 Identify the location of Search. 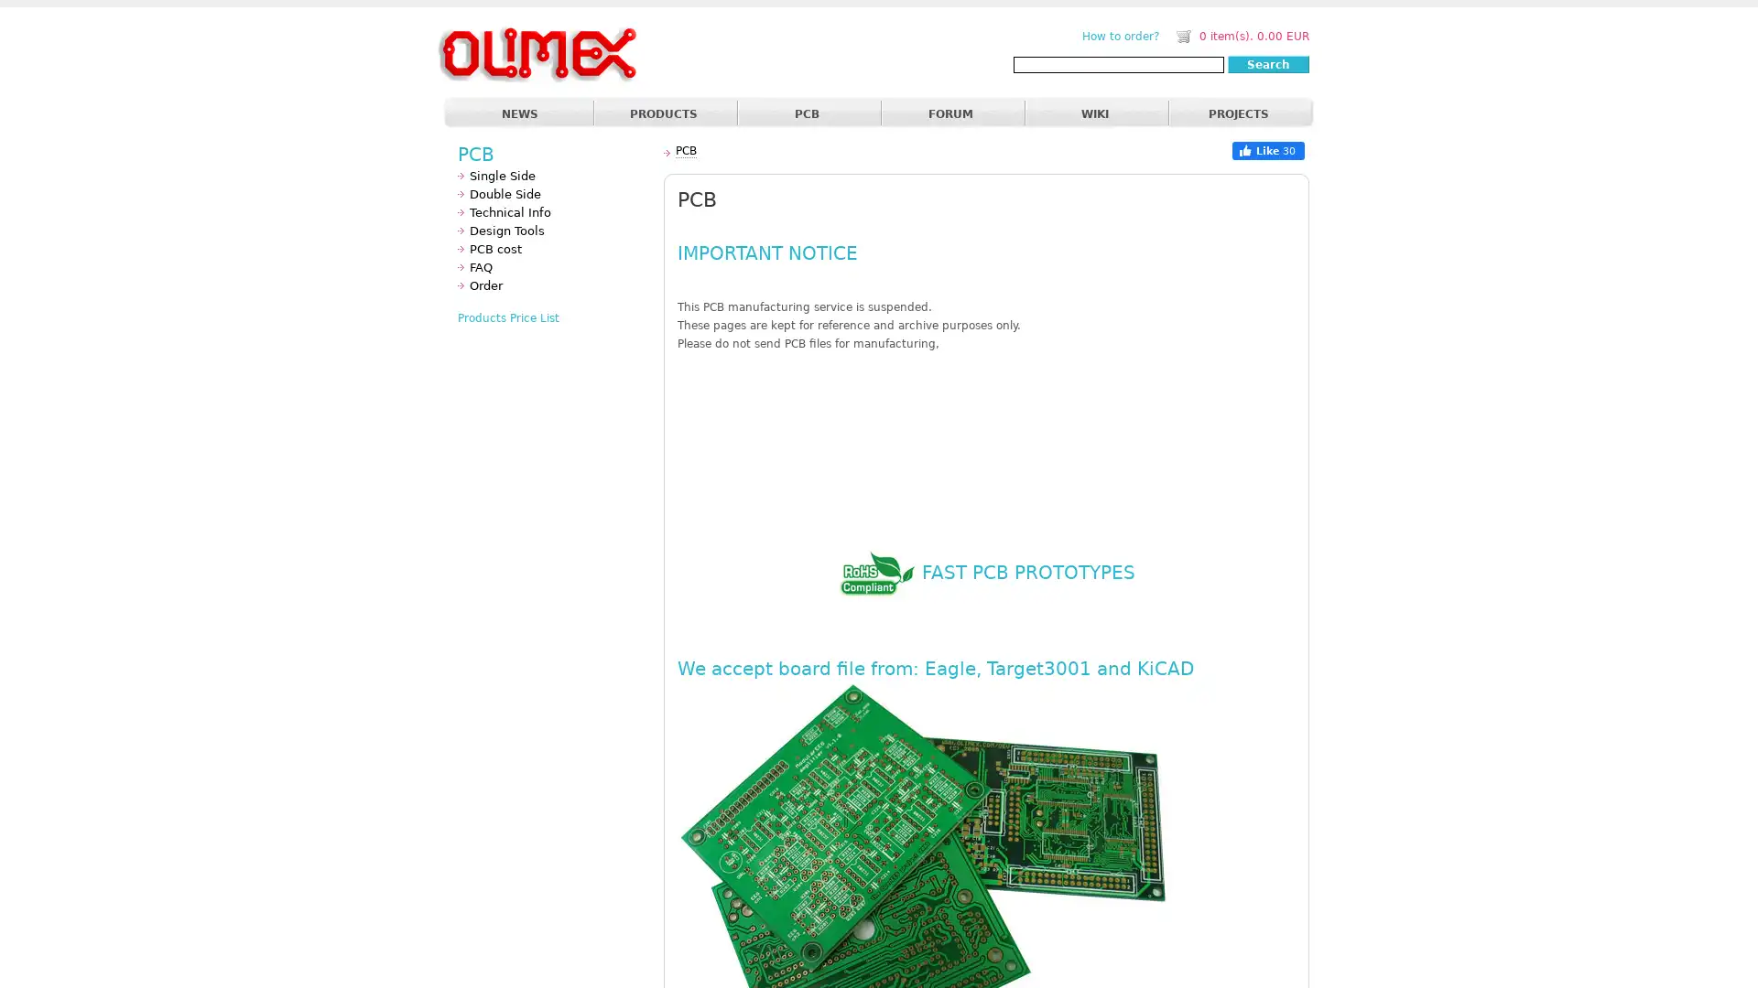
(1267, 63).